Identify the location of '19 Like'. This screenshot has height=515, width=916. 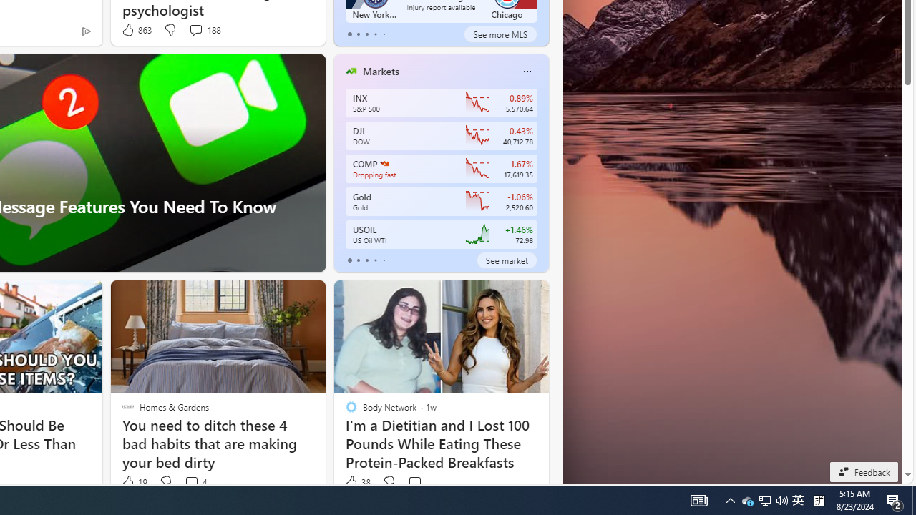
(133, 482).